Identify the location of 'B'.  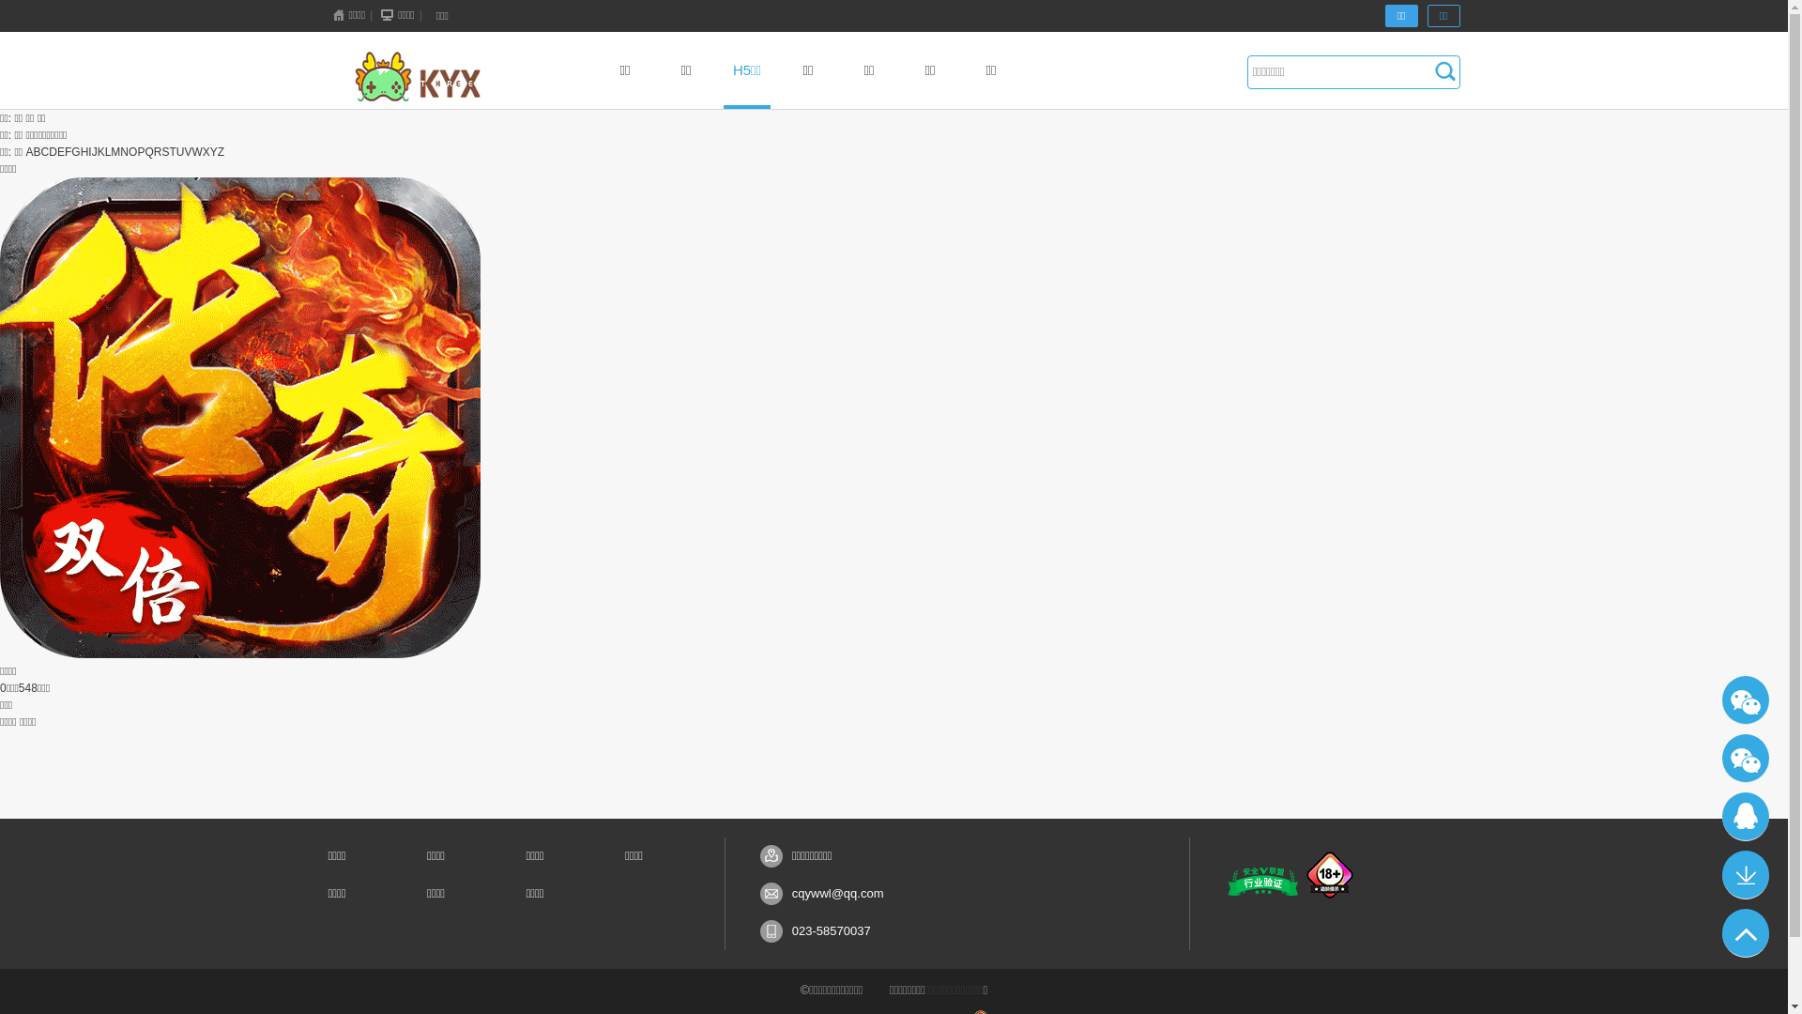
(37, 151).